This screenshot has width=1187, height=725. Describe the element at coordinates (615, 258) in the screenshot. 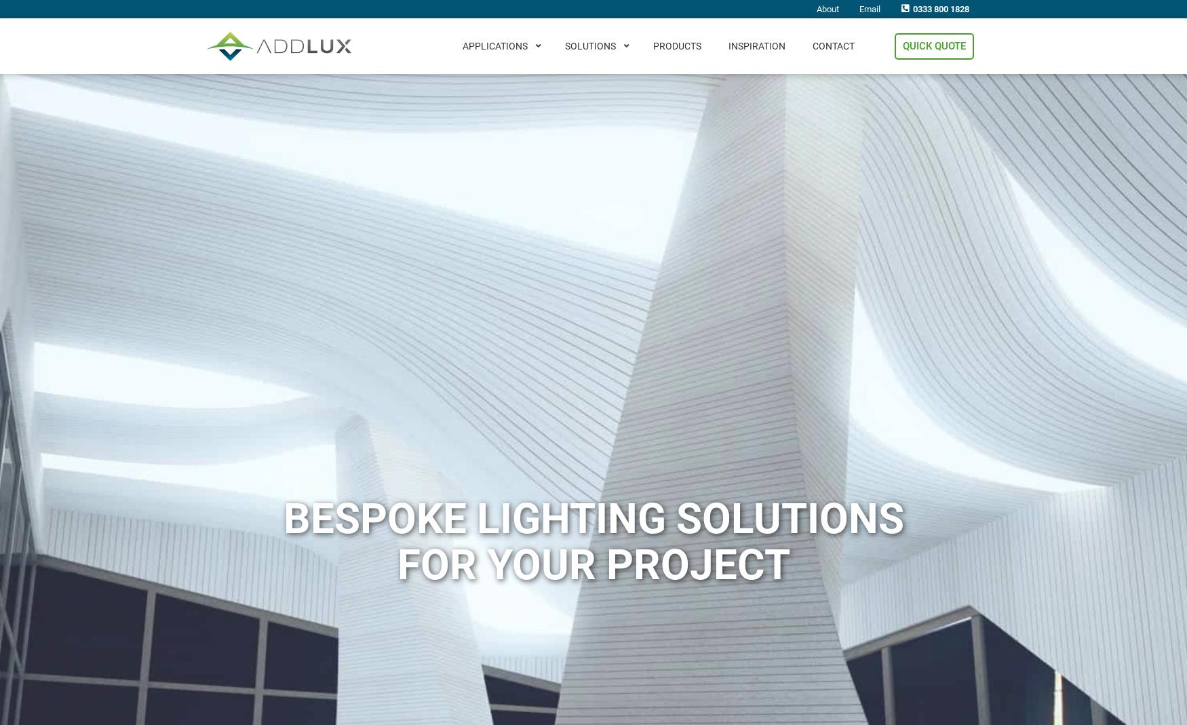

I see `'Ecolux LED Backlighting'` at that location.